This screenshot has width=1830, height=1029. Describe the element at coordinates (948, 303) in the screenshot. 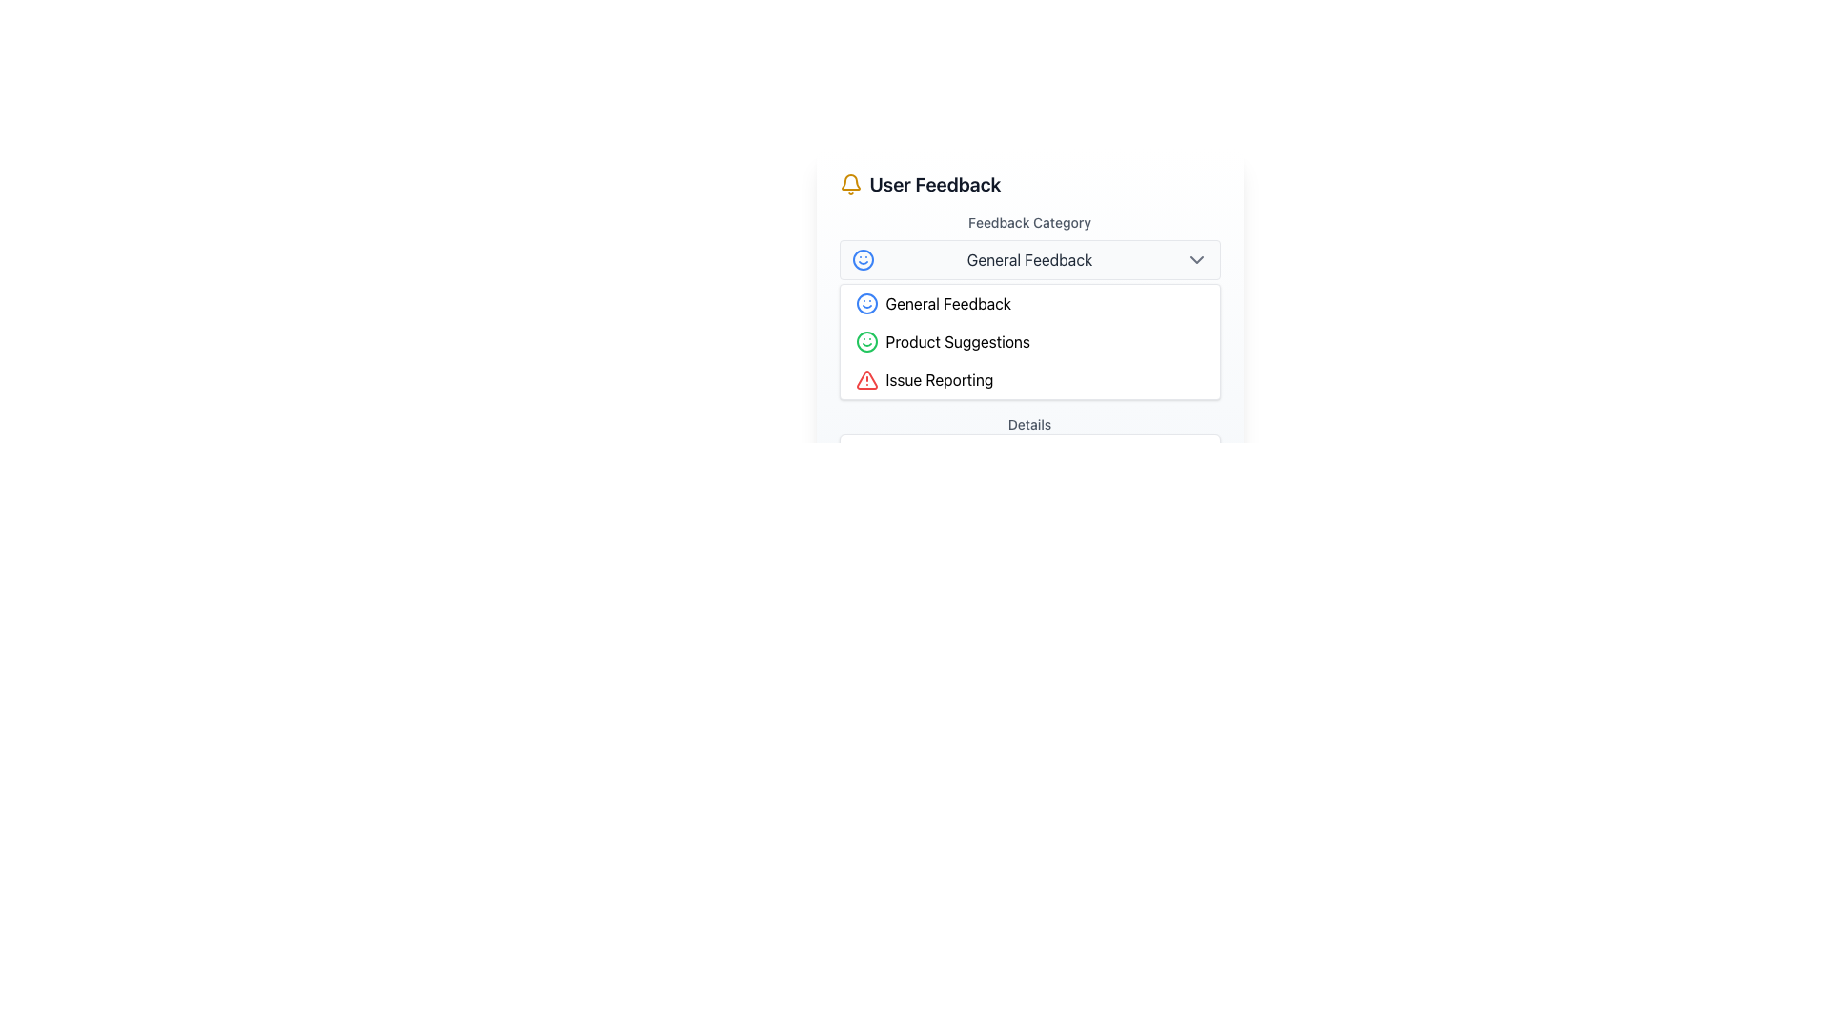

I see `the 'General Feedback' label in the dropdown menu under the 'Feedback Category' section of the 'User Feedback' dialog` at that location.